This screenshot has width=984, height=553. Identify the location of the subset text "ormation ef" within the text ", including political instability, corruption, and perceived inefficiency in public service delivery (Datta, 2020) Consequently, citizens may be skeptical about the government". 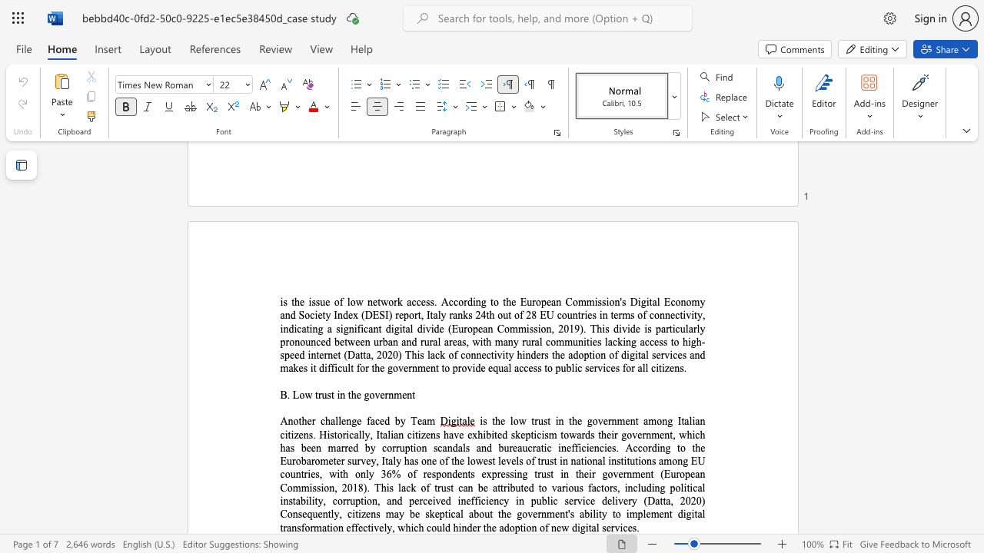
(304, 527).